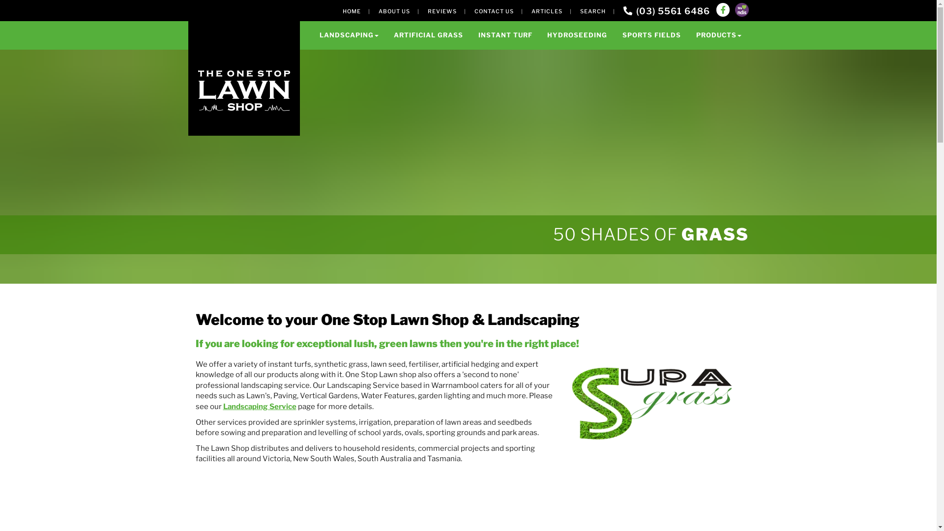 The height and width of the screenshot is (531, 944). What do you see at coordinates (260, 406) in the screenshot?
I see `'Landscaping Service'` at bounding box center [260, 406].